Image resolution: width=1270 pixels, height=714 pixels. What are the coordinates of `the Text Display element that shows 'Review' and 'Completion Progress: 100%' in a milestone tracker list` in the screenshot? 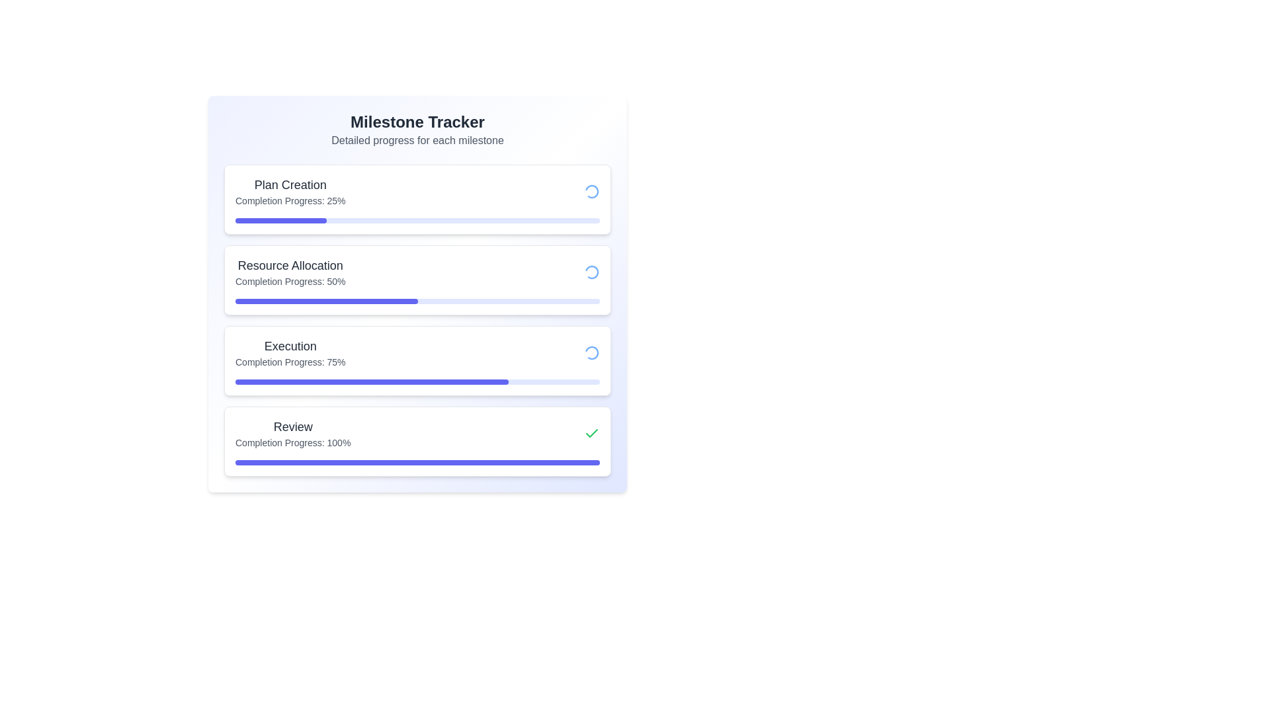 It's located at (292, 433).